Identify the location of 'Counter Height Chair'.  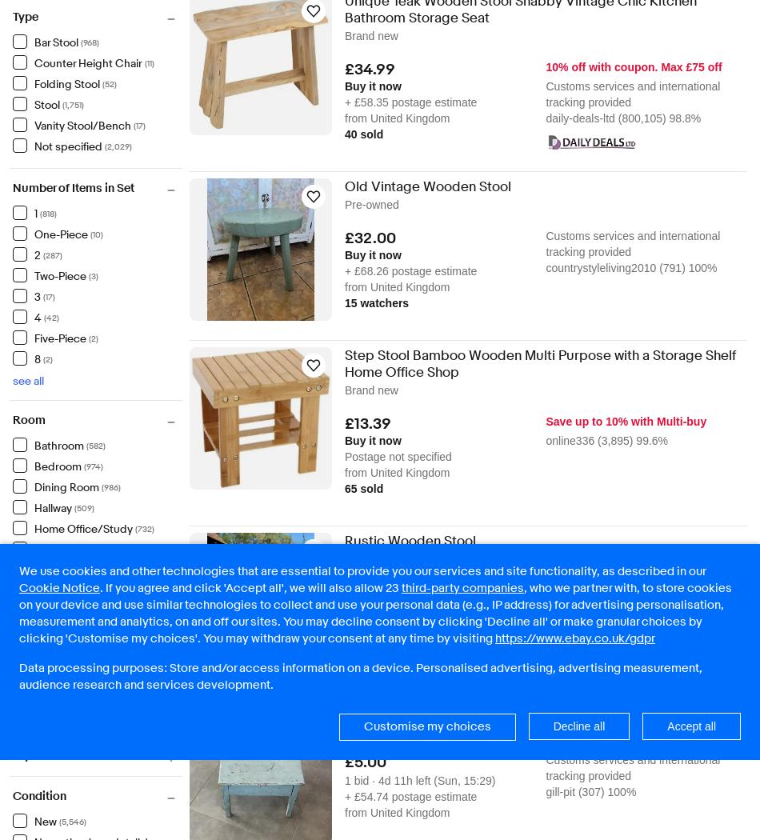
(88, 62).